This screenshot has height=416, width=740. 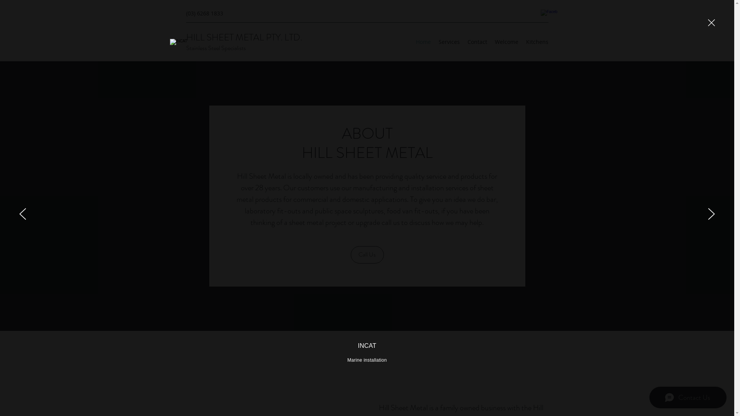 What do you see at coordinates (411, 42) in the screenshot?
I see `'Home'` at bounding box center [411, 42].